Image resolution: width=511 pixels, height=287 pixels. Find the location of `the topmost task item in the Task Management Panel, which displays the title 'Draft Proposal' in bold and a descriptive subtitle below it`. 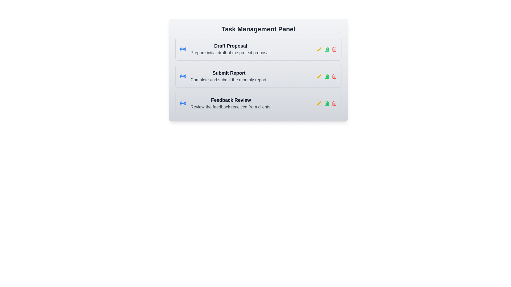

the topmost task item in the Task Management Panel, which displays the title 'Draft Proposal' in bold and a descriptive subtitle below it is located at coordinates (230, 49).